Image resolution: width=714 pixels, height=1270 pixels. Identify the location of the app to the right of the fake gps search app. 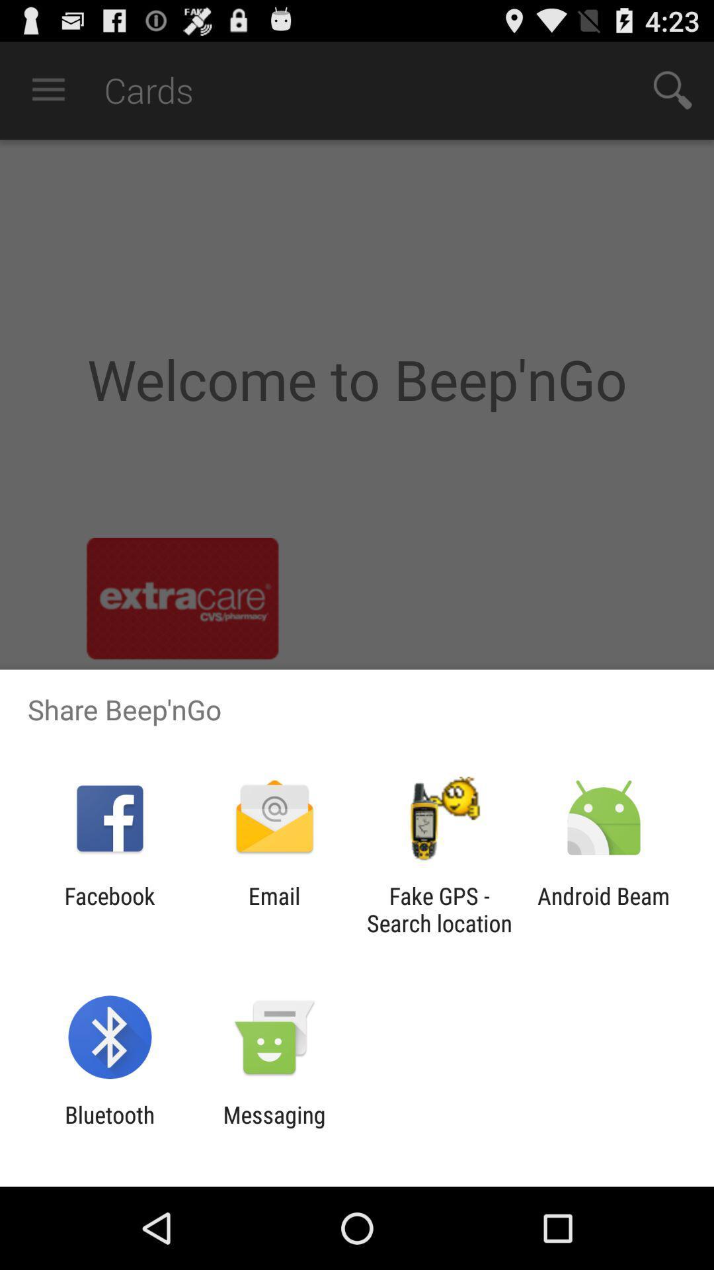
(604, 909).